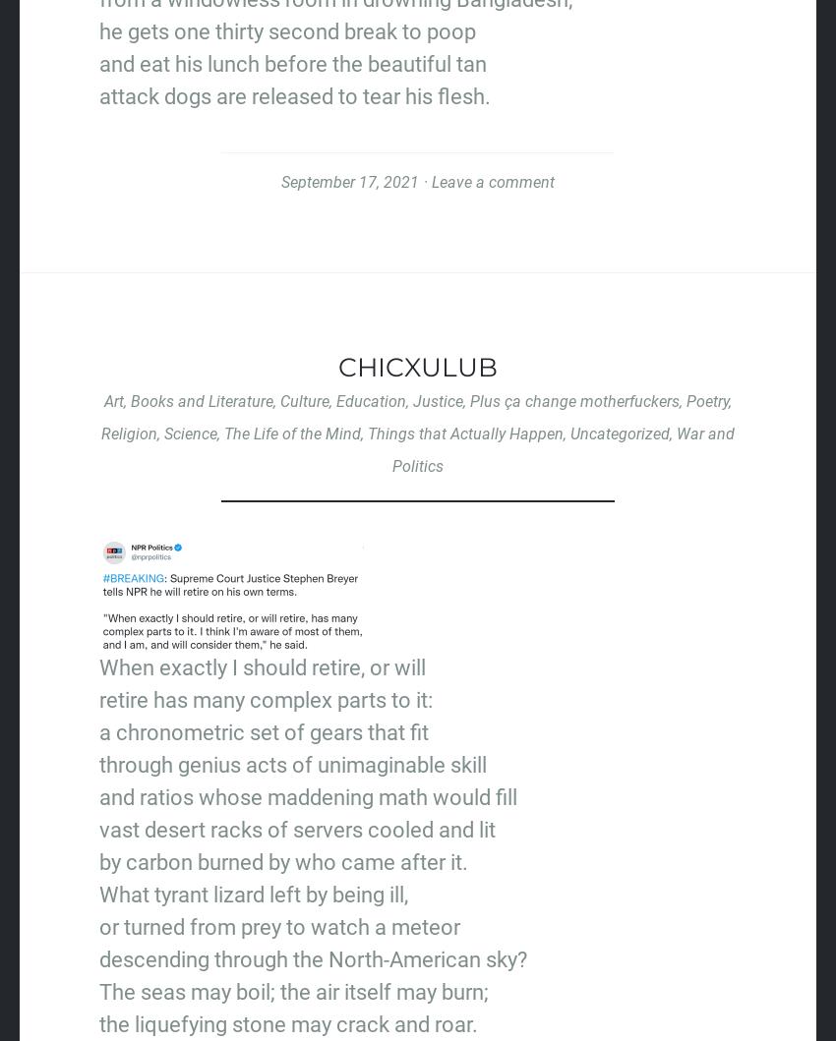 The width and height of the screenshot is (836, 1041). I want to click on 'Art', so click(113, 399).